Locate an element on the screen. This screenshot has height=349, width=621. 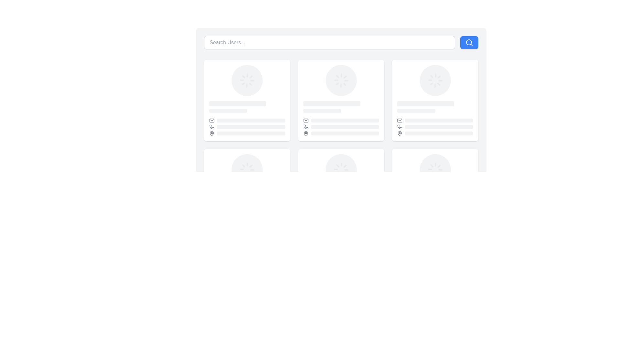
the loading spinner that indicates a loading state for the second card in the upper row of the grid layout is located at coordinates (435, 80).